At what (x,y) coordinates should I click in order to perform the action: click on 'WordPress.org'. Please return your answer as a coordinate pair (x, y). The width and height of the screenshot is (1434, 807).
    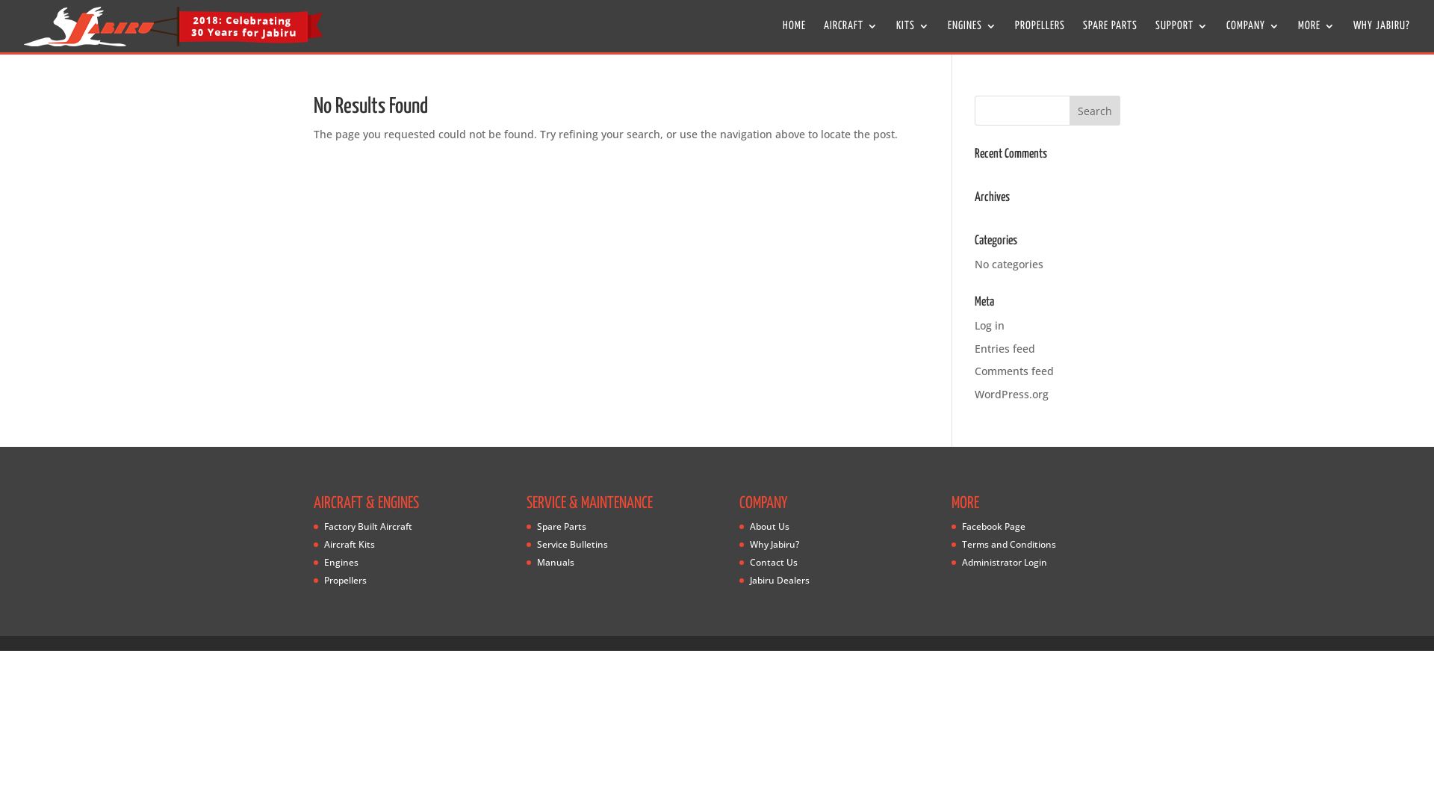
    Looking at the image, I should click on (1011, 393).